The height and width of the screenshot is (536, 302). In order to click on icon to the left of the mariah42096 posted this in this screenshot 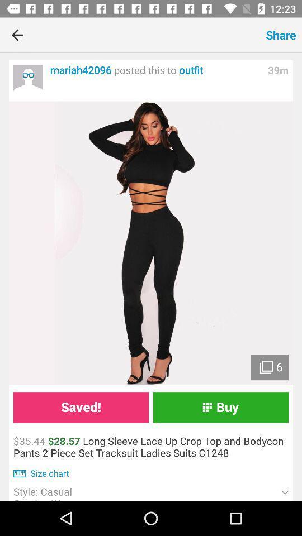, I will do `click(28, 79)`.